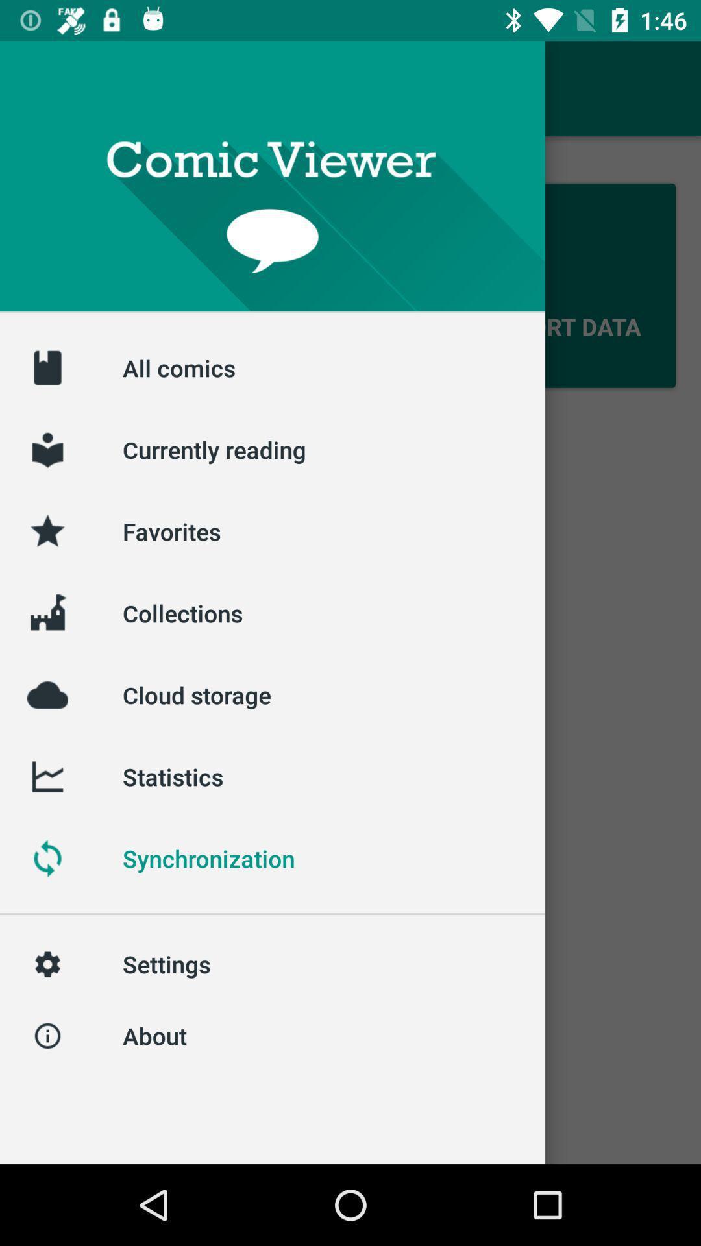 This screenshot has height=1246, width=701. What do you see at coordinates (47, 613) in the screenshot?
I see `the icon beside collections` at bounding box center [47, 613].